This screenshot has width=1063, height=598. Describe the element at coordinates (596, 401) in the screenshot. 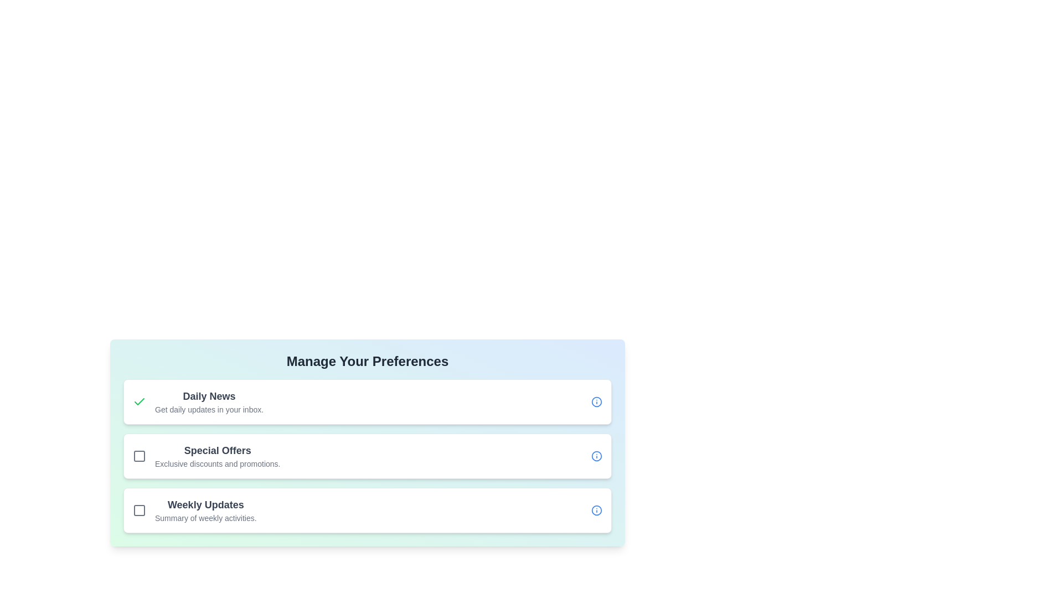

I see `the info icon located on the far-right side of the 'Daily News' preference option` at that location.